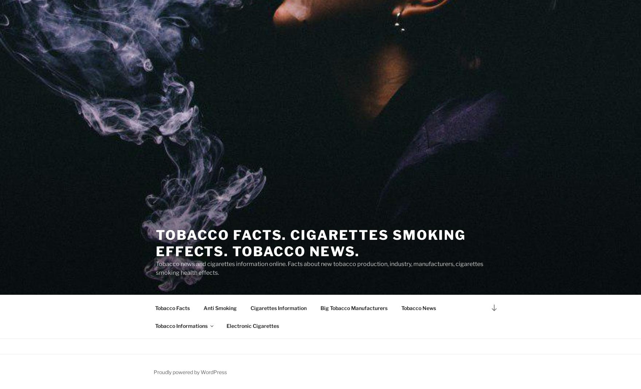 The width and height of the screenshot is (641, 389). I want to click on 'Tobacco Informations', so click(181, 325).